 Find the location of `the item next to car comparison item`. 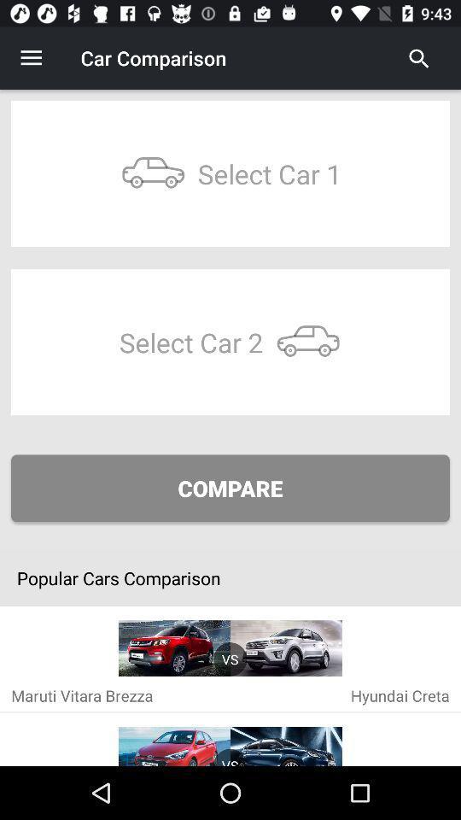

the item next to car comparison item is located at coordinates (31, 58).